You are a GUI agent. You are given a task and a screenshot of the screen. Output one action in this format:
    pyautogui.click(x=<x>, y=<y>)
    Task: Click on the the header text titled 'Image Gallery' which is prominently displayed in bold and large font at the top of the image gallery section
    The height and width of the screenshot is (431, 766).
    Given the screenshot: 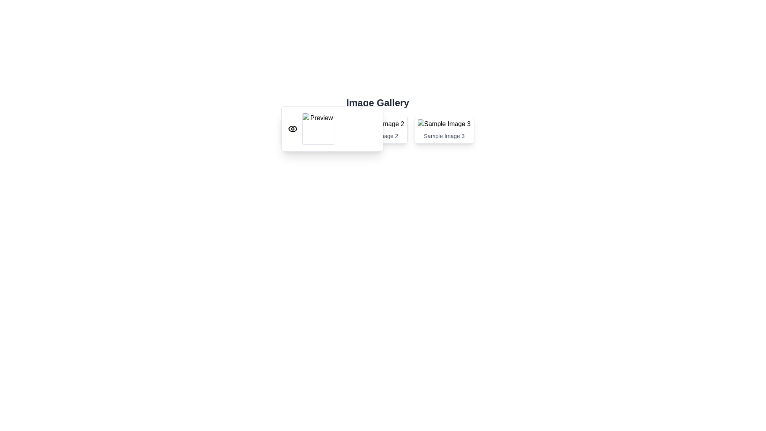 What is the action you would take?
    pyautogui.click(x=377, y=103)
    